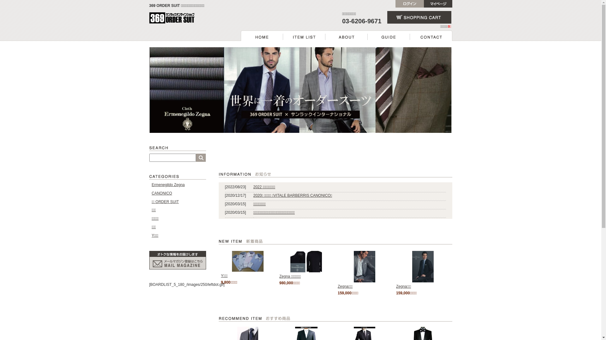  I want to click on 'CANONICO', so click(151, 193).